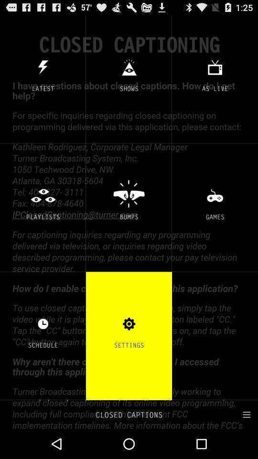 This screenshot has height=459, width=258. What do you see at coordinates (43, 66) in the screenshot?
I see `icon above latest at top left corner` at bounding box center [43, 66].